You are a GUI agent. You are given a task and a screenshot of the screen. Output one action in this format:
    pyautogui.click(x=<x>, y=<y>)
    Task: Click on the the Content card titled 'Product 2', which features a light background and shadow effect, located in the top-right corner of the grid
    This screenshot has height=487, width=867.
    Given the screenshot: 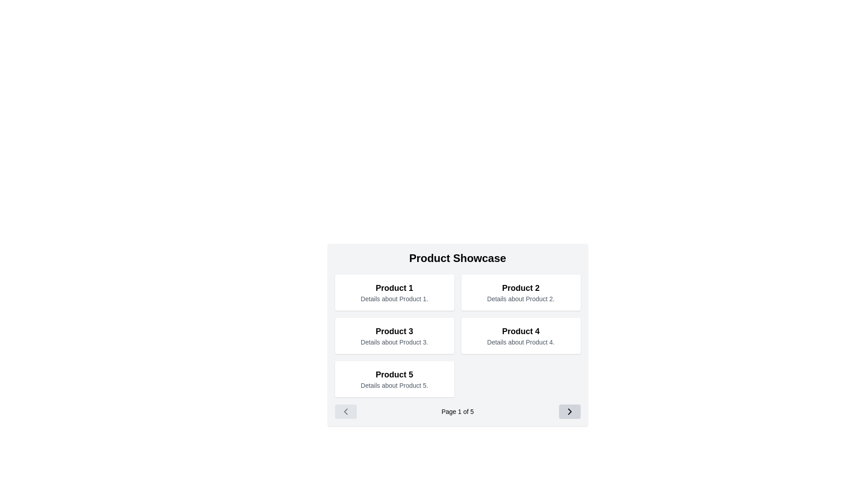 What is the action you would take?
    pyautogui.click(x=521, y=292)
    